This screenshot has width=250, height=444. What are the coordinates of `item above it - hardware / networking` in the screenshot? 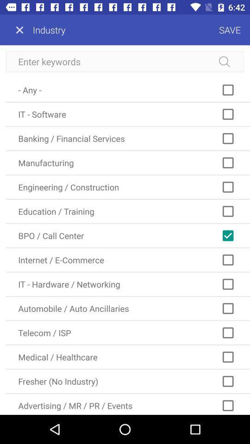 It's located at (127, 260).